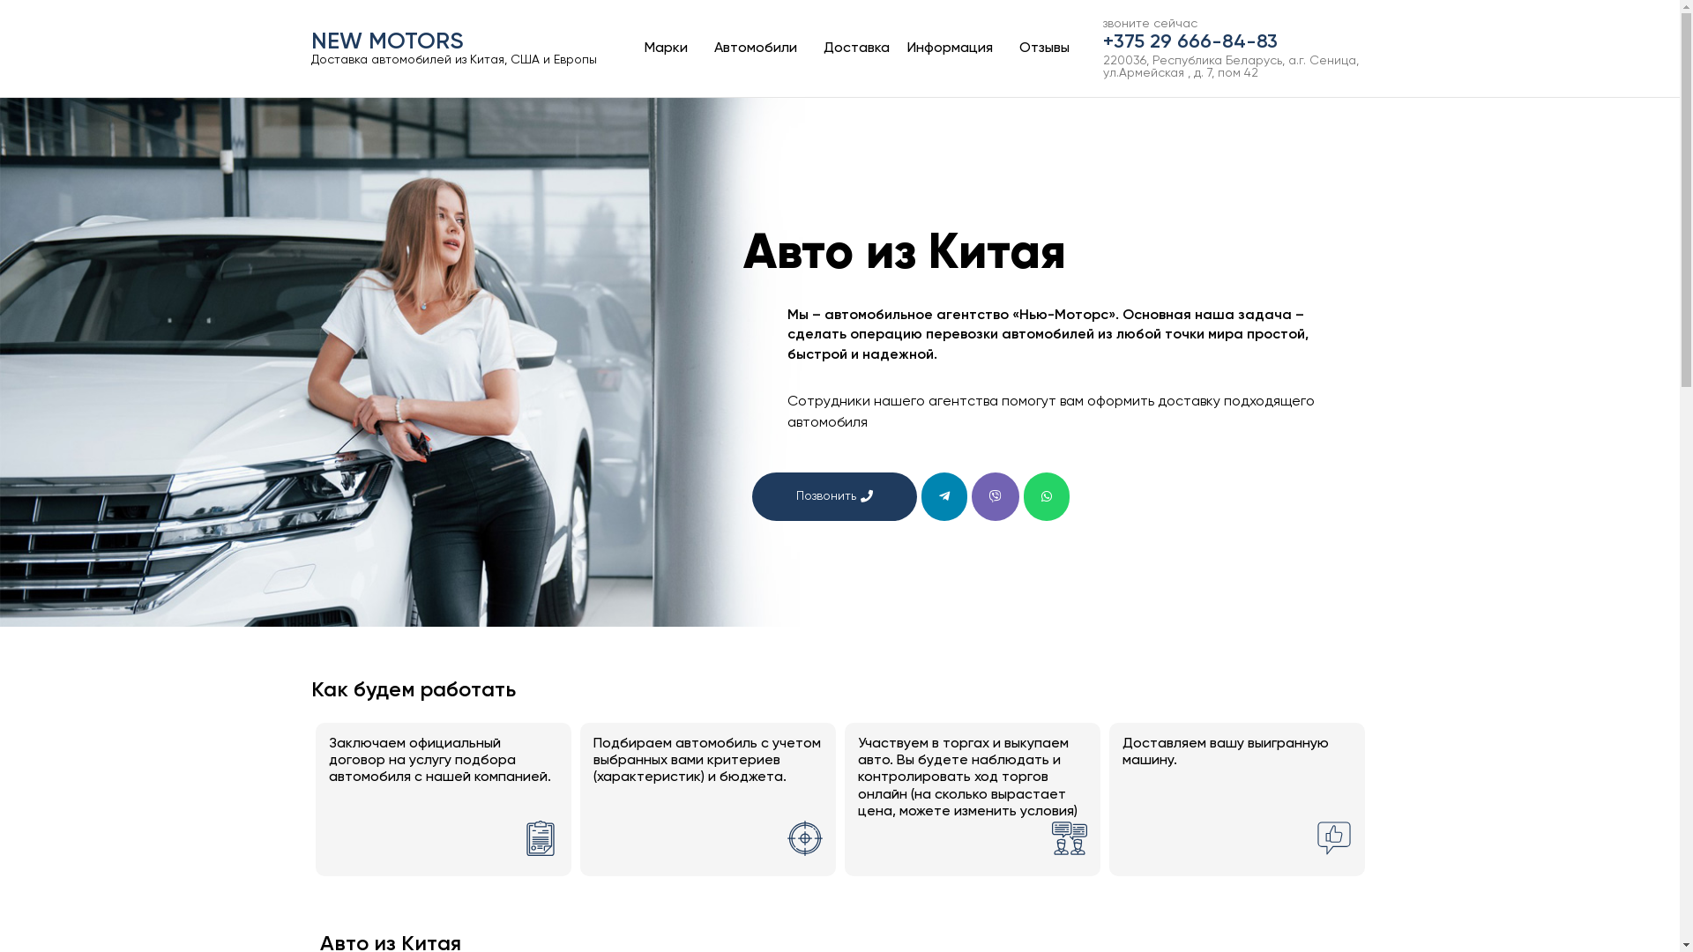 The width and height of the screenshot is (1693, 952). What do you see at coordinates (310, 41) in the screenshot?
I see `'NEW MOTORS'` at bounding box center [310, 41].